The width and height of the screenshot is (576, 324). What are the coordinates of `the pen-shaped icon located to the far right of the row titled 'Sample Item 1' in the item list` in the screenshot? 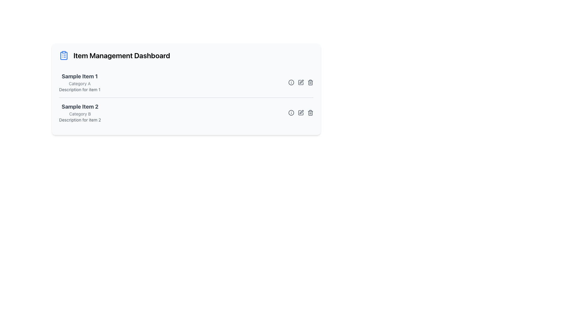 It's located at (301, 82).